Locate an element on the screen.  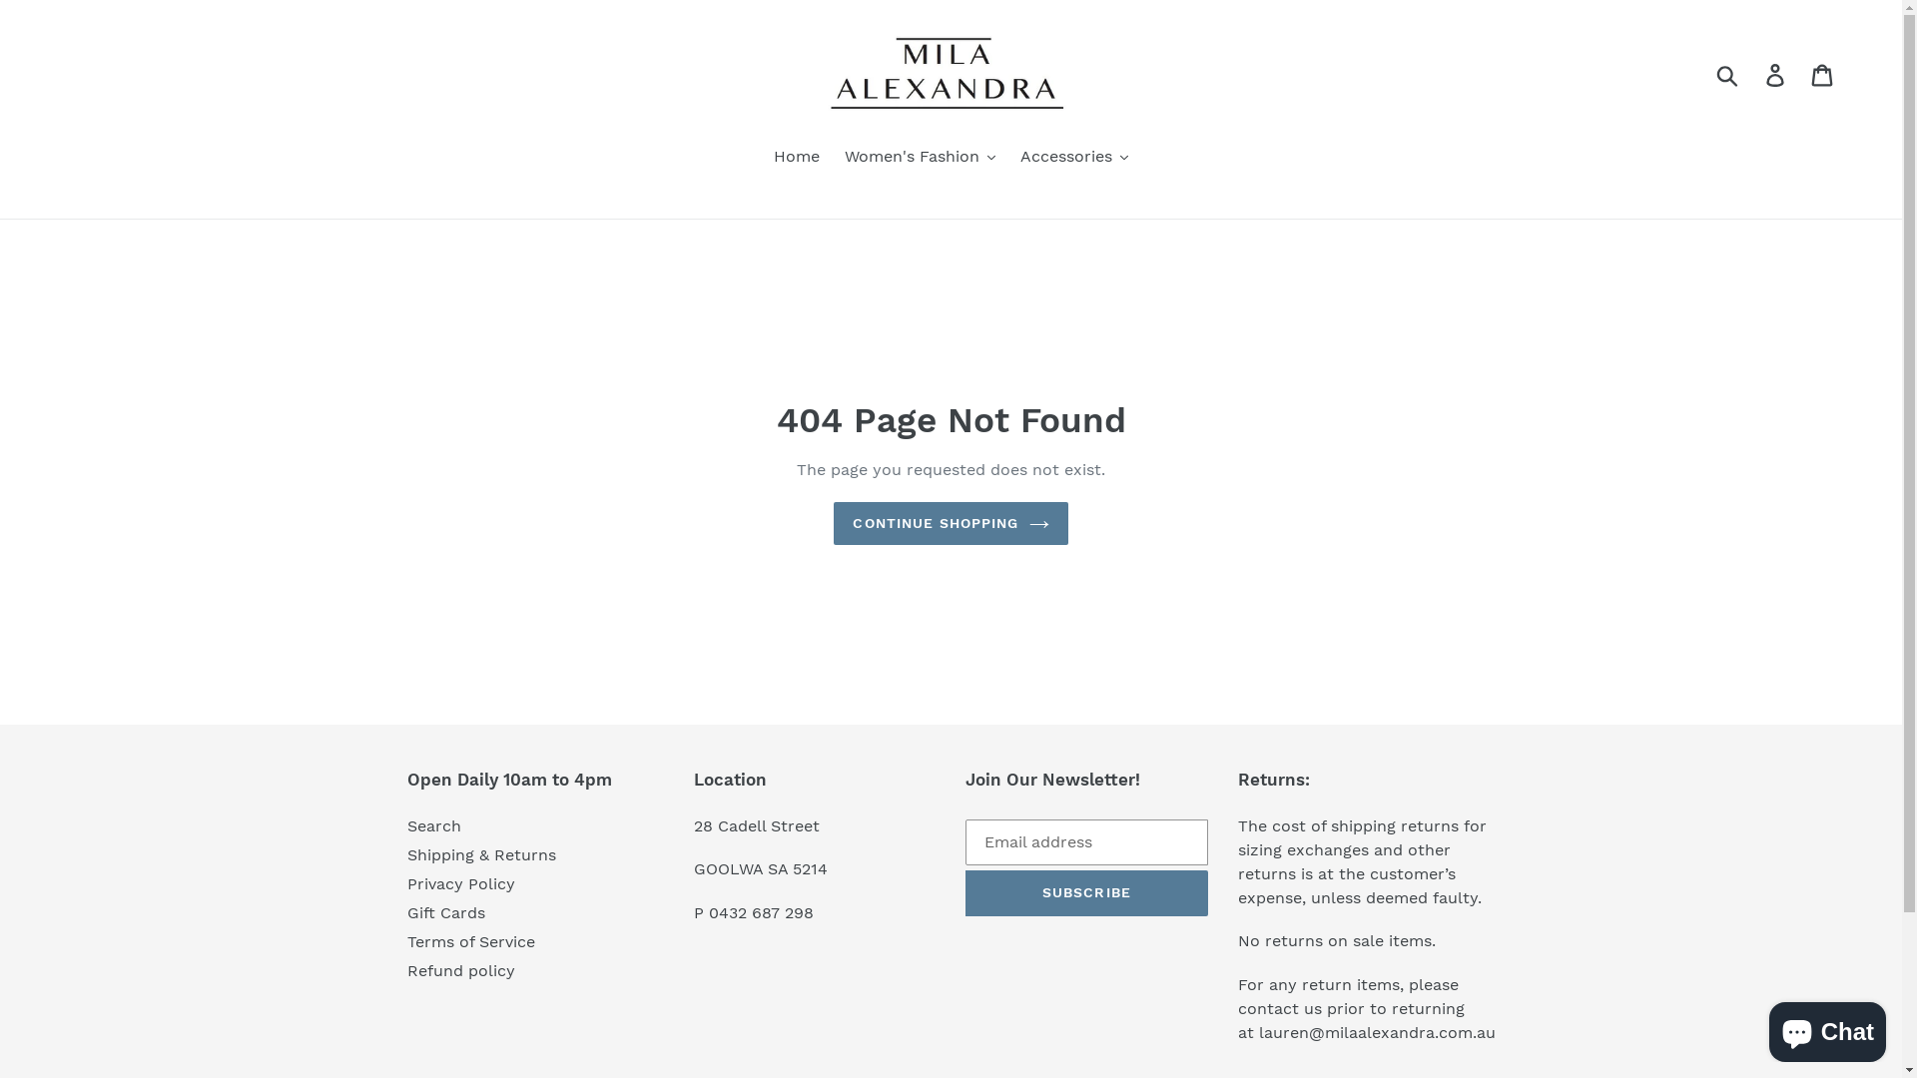
'Shopify online store chat' is located at coordinates (1827, 1027).